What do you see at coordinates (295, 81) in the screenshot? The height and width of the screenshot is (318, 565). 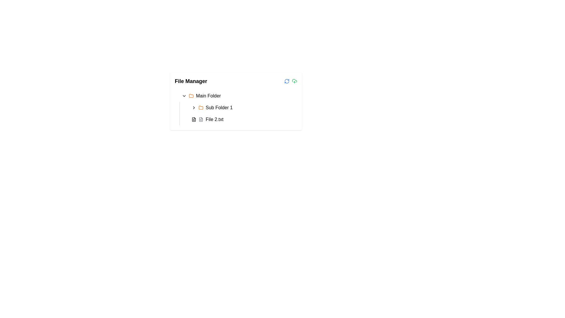 I see `the cloud icon with an upward arrow, styled in green color, located at the top-right corner of the file manager interface` at bounding box center [295, 81].